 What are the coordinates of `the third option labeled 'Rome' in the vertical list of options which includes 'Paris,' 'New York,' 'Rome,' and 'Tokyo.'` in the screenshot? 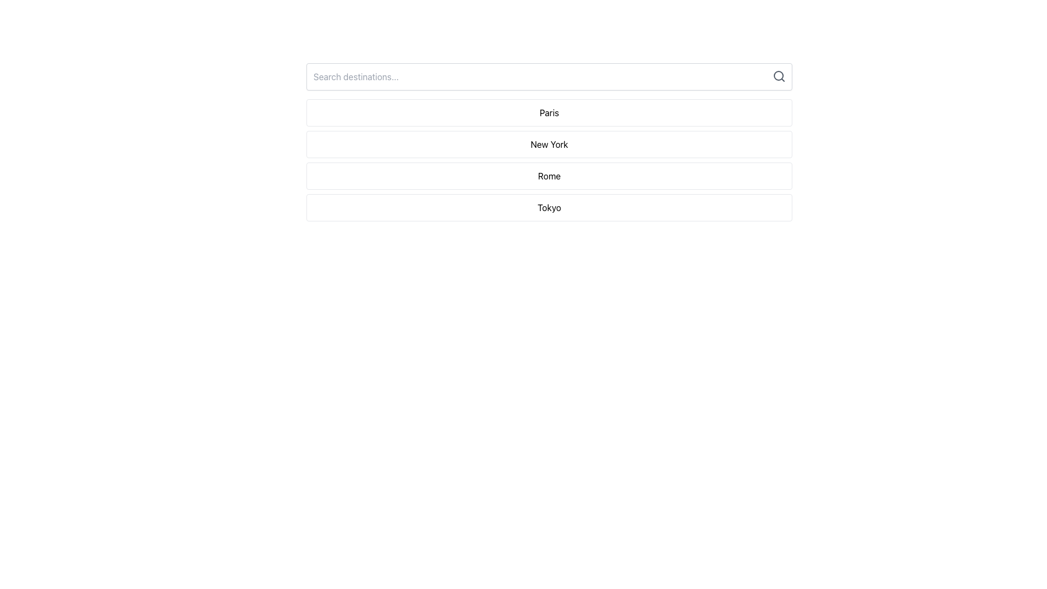 It's located at (549, 176).